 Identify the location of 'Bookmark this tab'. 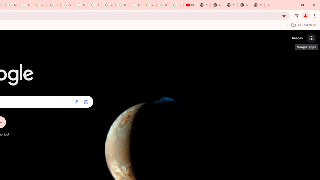
(284, 15).